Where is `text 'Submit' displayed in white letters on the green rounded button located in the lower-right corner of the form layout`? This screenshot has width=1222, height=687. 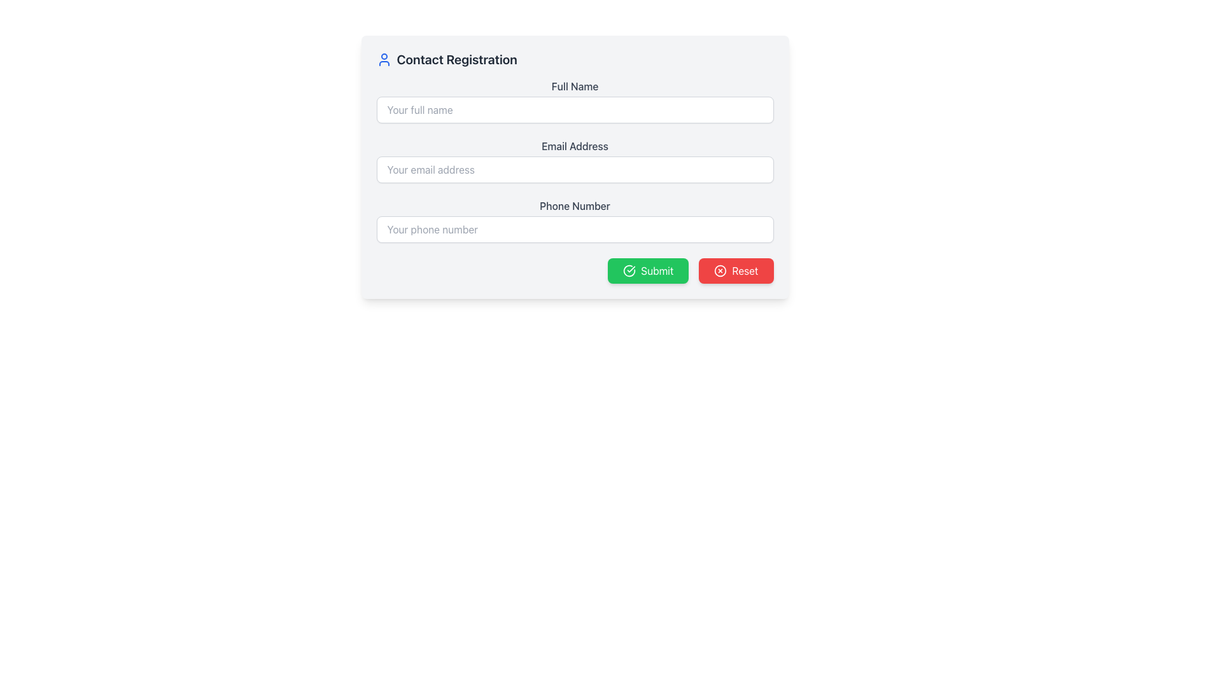 text 'Submit' displayed in white letters on the green rounded button located in the lower-right corner of the form layout is located at coordinates (657, 270).